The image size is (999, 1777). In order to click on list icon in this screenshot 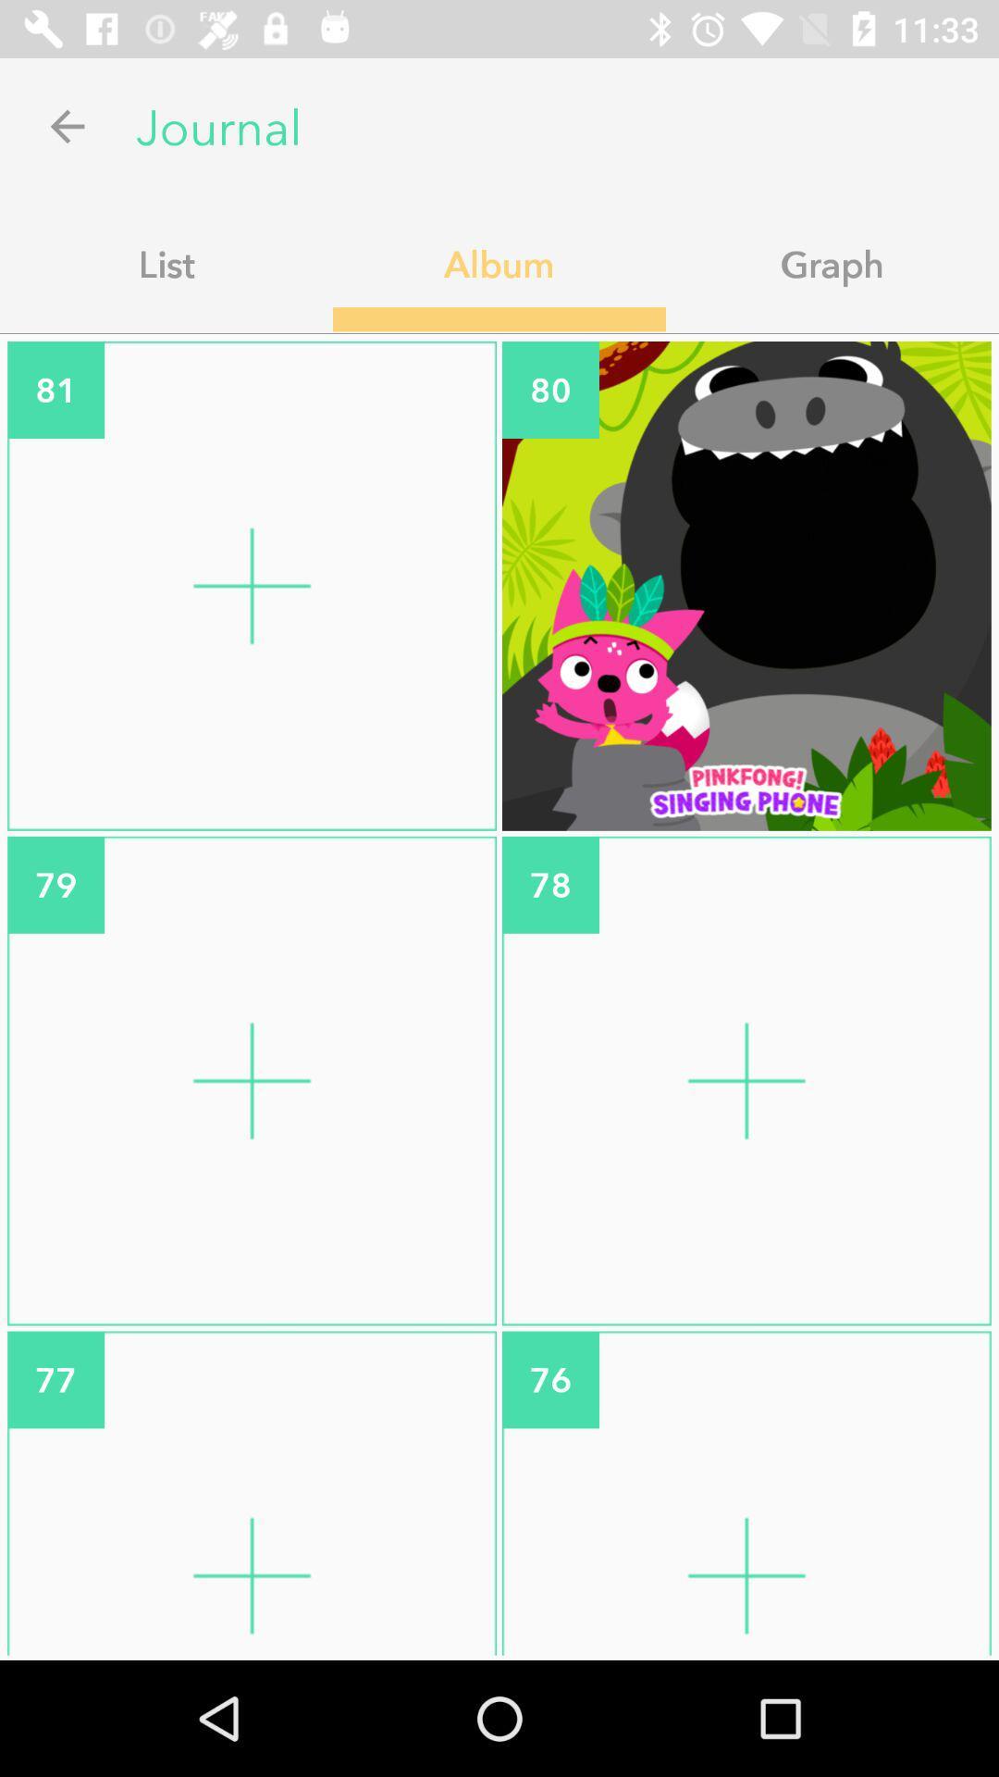, I will do `click(166, 263)`.